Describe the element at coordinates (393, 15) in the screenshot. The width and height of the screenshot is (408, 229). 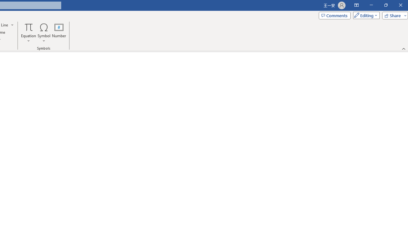
I see `'Share'` at that location.